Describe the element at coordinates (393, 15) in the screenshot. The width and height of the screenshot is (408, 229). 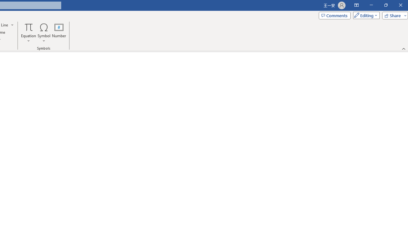
I see `'Share'` at that location.